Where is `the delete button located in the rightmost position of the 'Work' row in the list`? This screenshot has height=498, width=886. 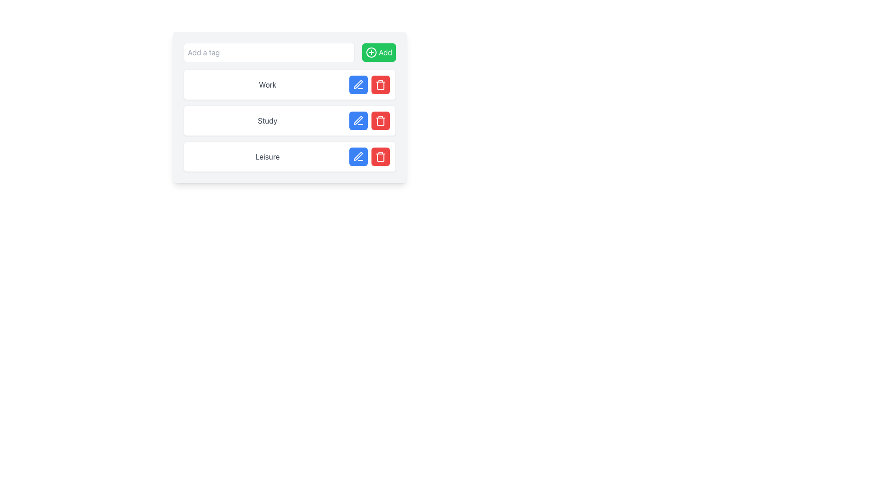
the delete button located in the rightmost position of the 'Work' row in the list is located at coordinates (381, 85).